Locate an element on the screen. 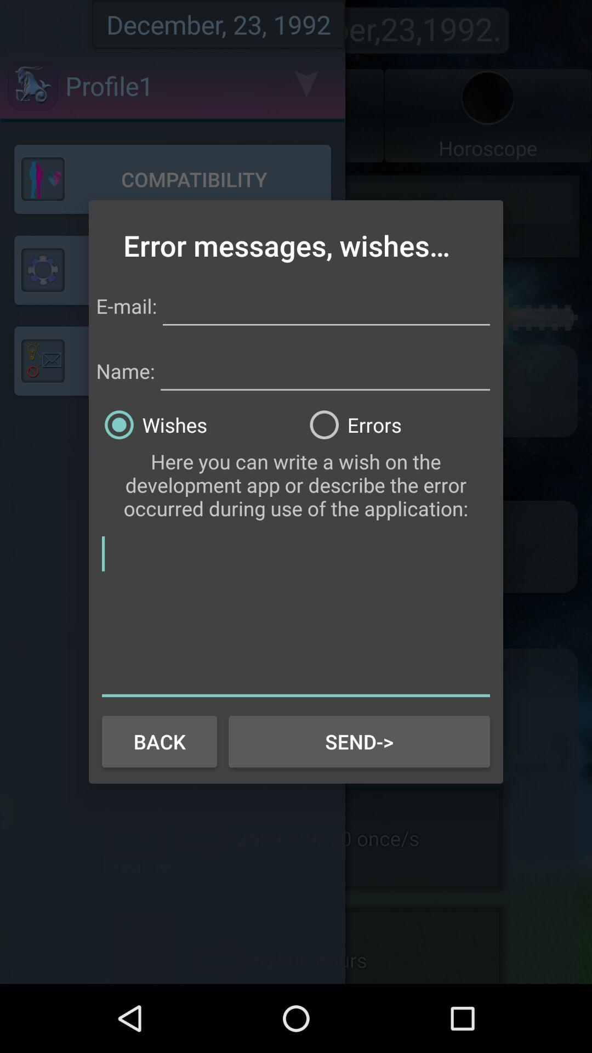  name is located at coordinates (325, 369).